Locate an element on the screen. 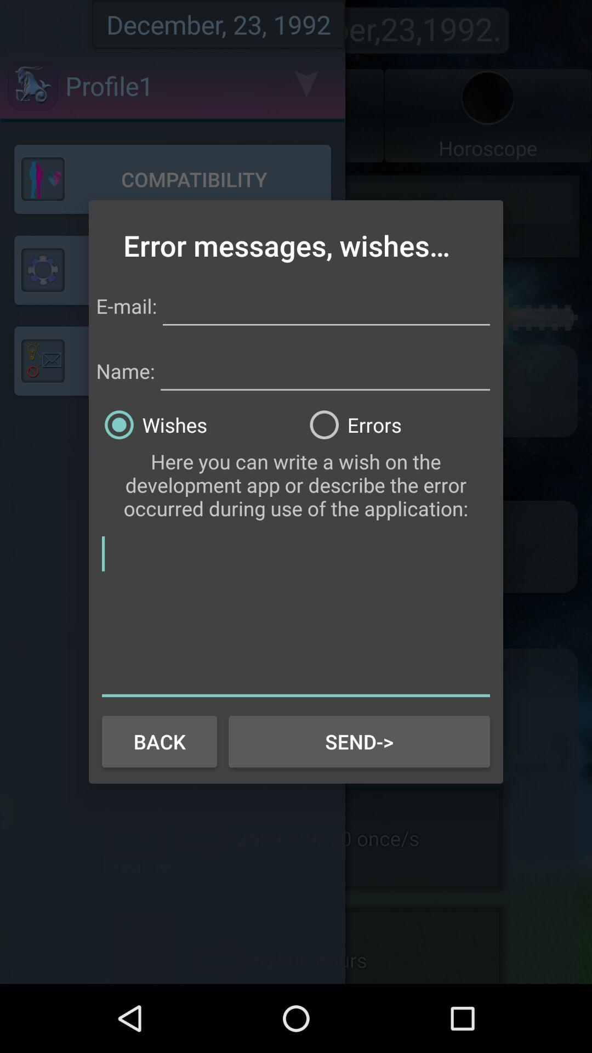  name is located at coordinates (325, 369).